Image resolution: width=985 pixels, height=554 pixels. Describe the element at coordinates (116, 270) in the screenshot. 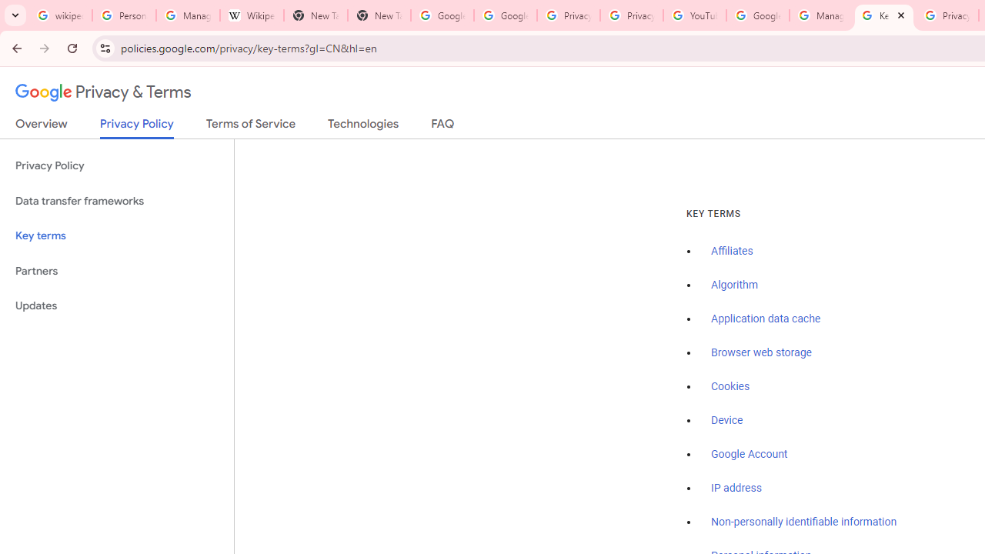

I see `'Partners'` at that location.